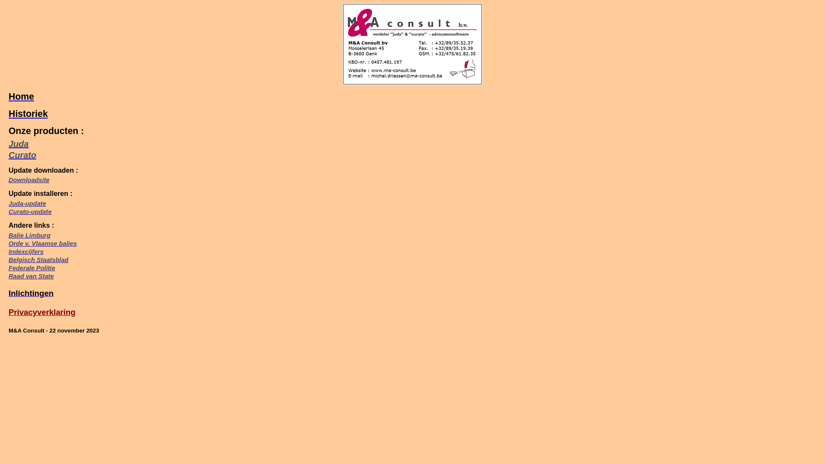  Describe the element at coordinates (26, 251) in the screenshot. I see `'Indexcijfers'` at that location.